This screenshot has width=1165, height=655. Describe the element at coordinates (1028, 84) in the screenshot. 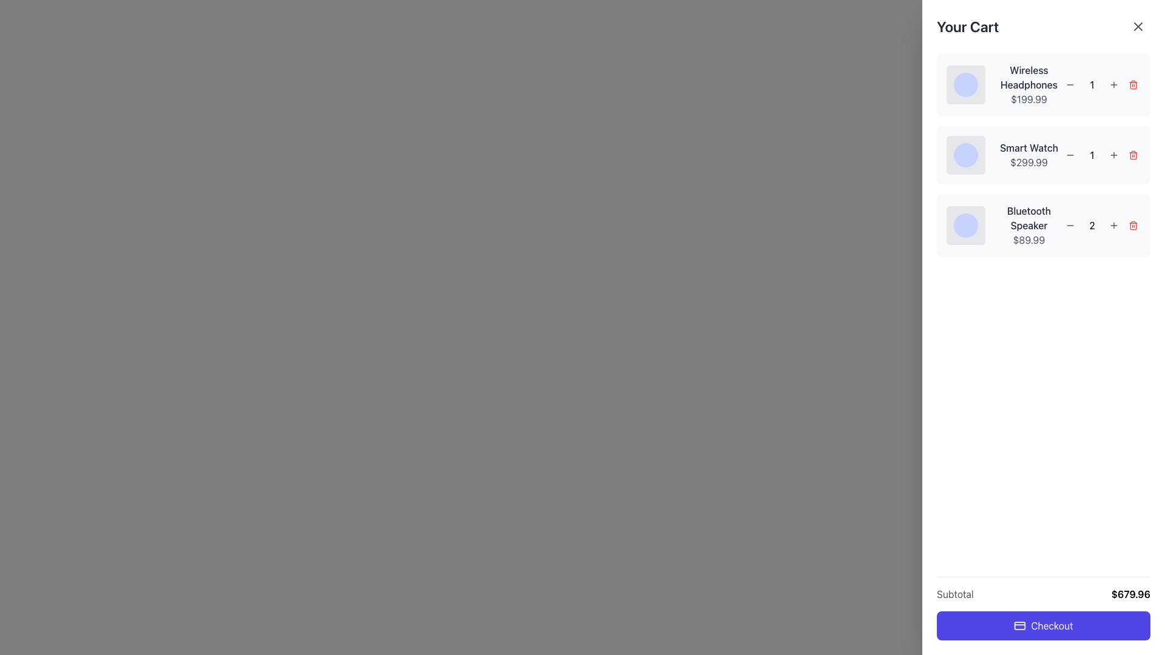

I see `the Text Display element that shows the product name and price in the cart, which is the first item in the list, located to the right of a circular image placeholder` at that location.